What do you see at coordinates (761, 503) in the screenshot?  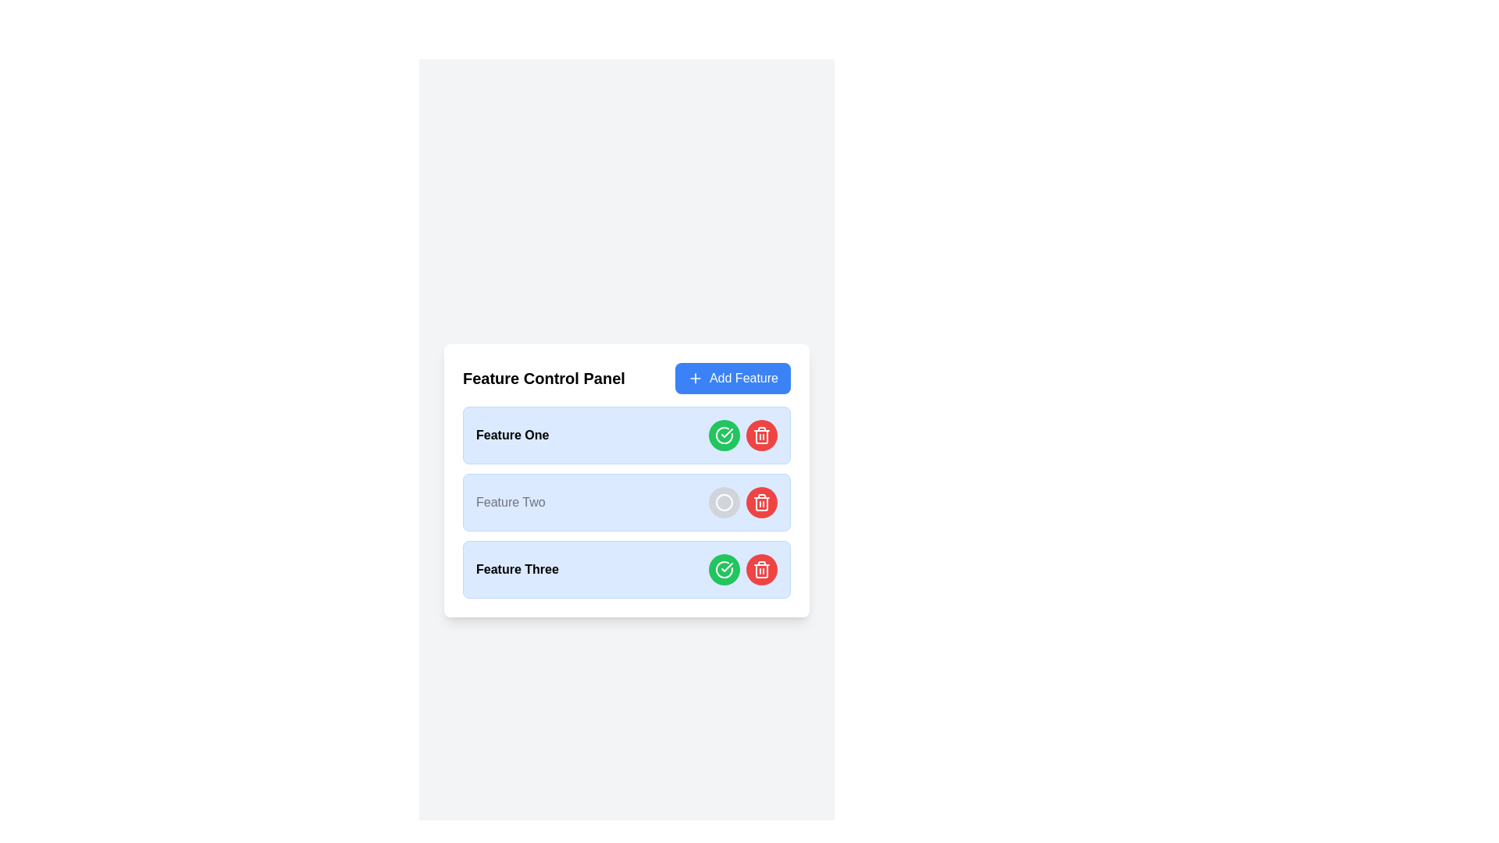 I see `the delete button located in the third row under the 'Feature Three' label` at bounding box center [761, 503].